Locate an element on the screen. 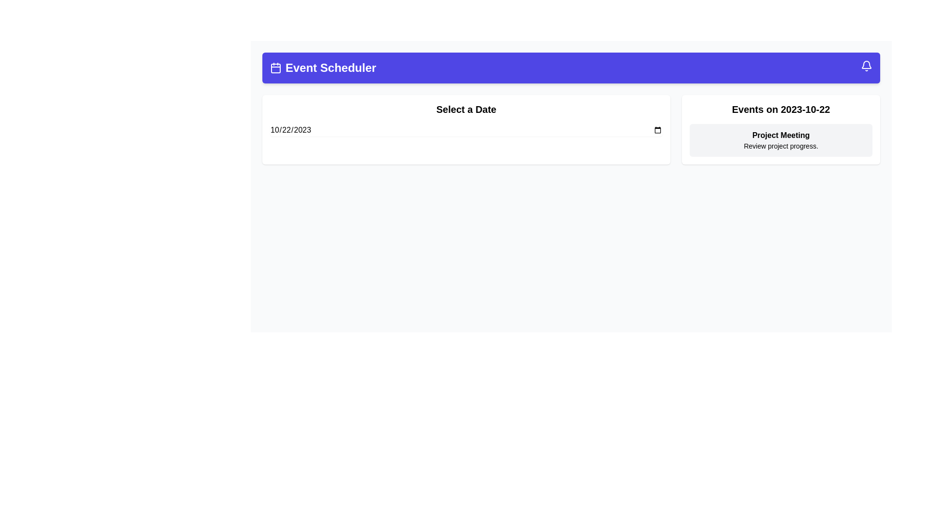  text displayed in the Text Display Block titled 'Project Meeting' with details 'Review project progress.' located below 'Events on 2023-10-22' is located at coordinates (781, 140).